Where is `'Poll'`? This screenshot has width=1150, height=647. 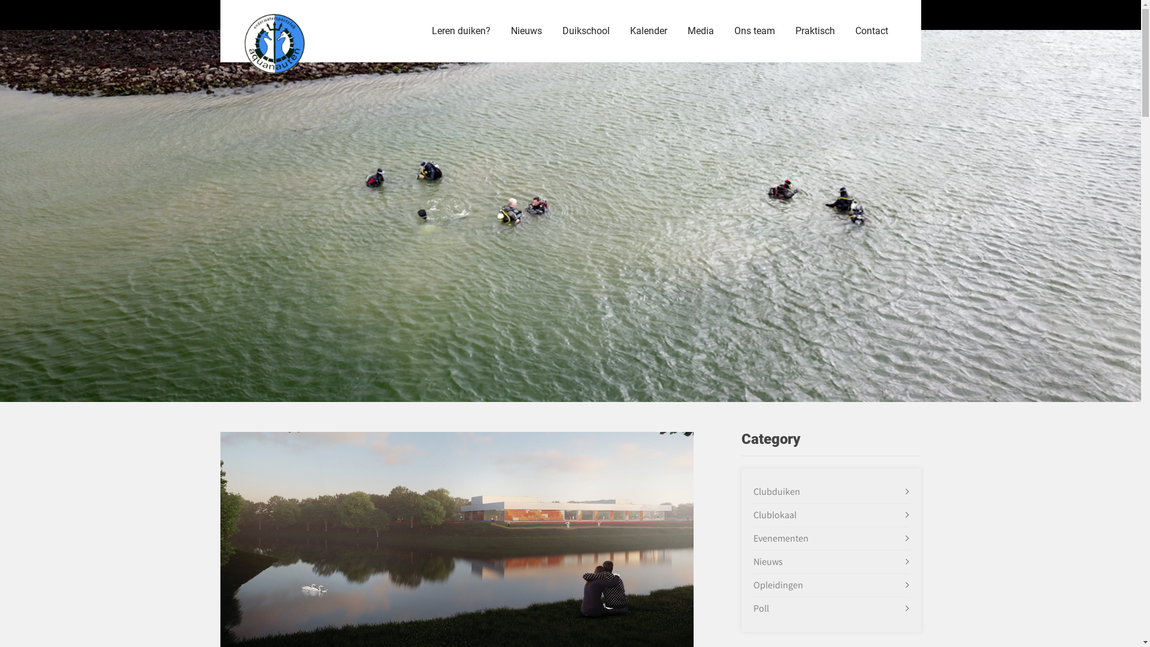
'Poll' is located at coordinates (761, 608).